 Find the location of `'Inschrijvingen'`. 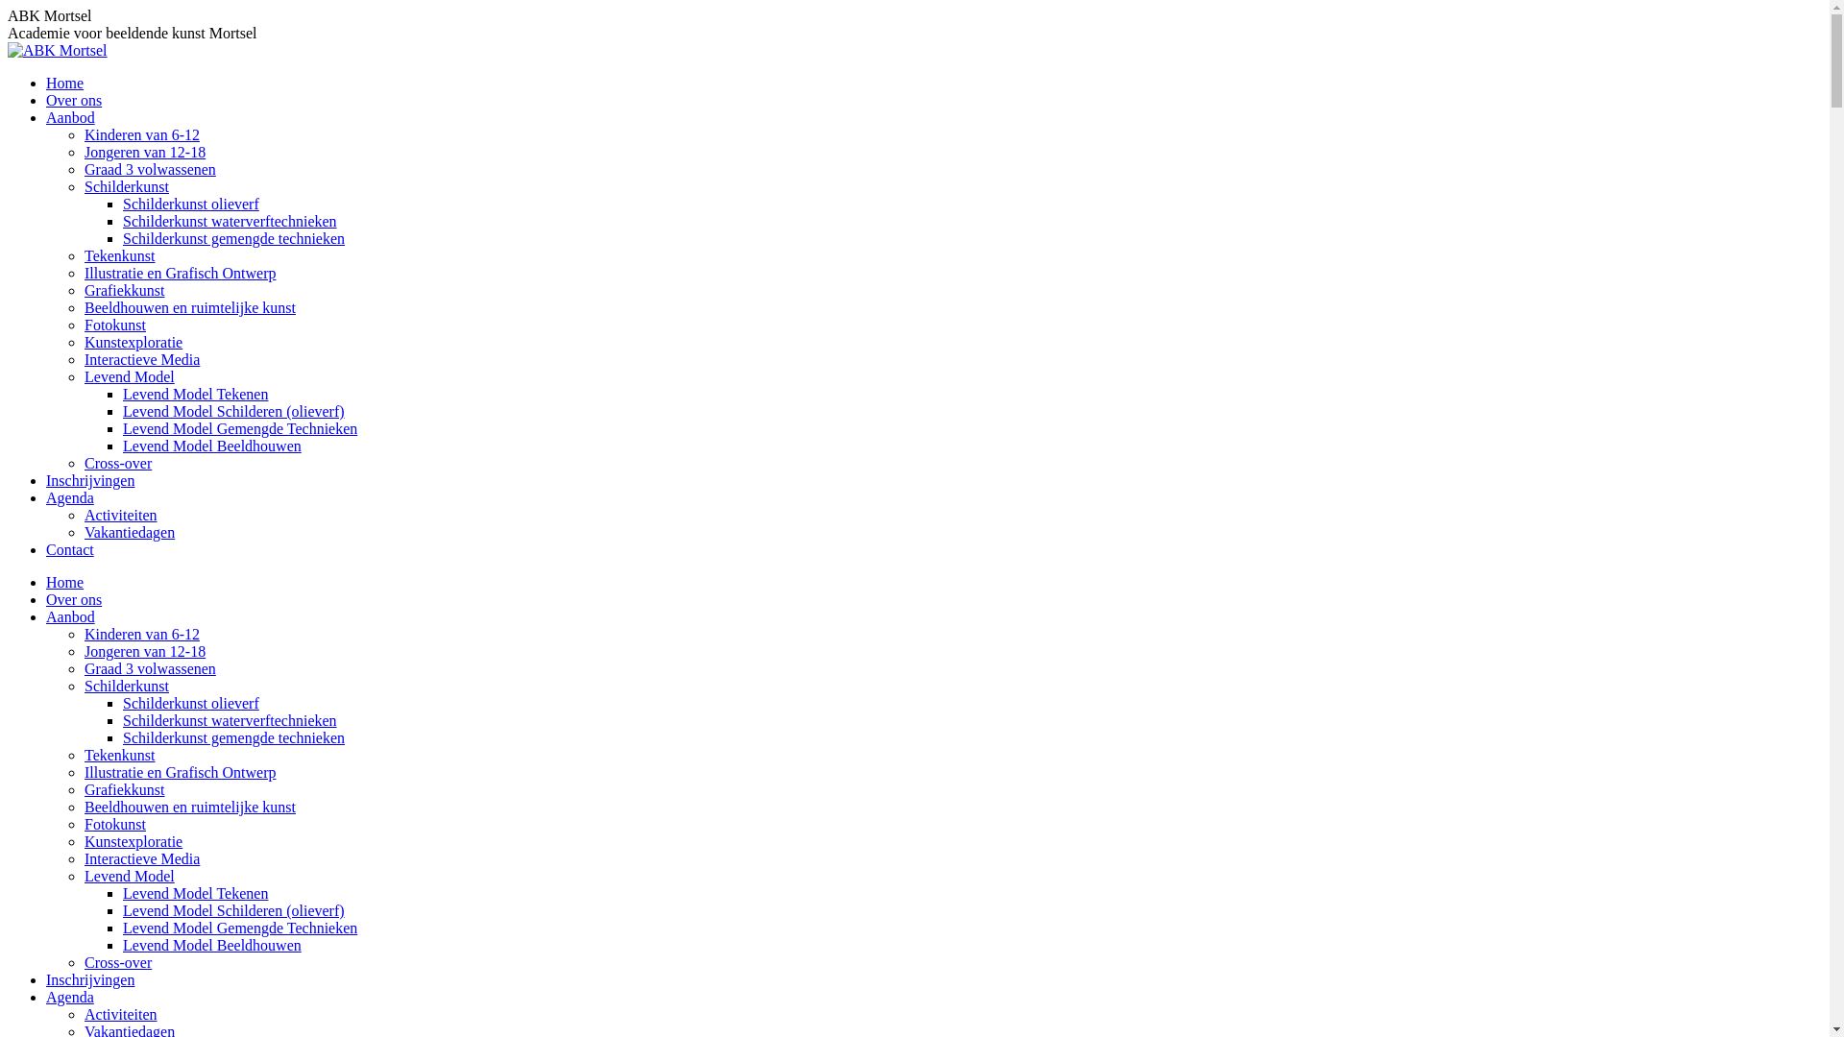

'Inschrijvingen' is located at coordinates (46, 479).